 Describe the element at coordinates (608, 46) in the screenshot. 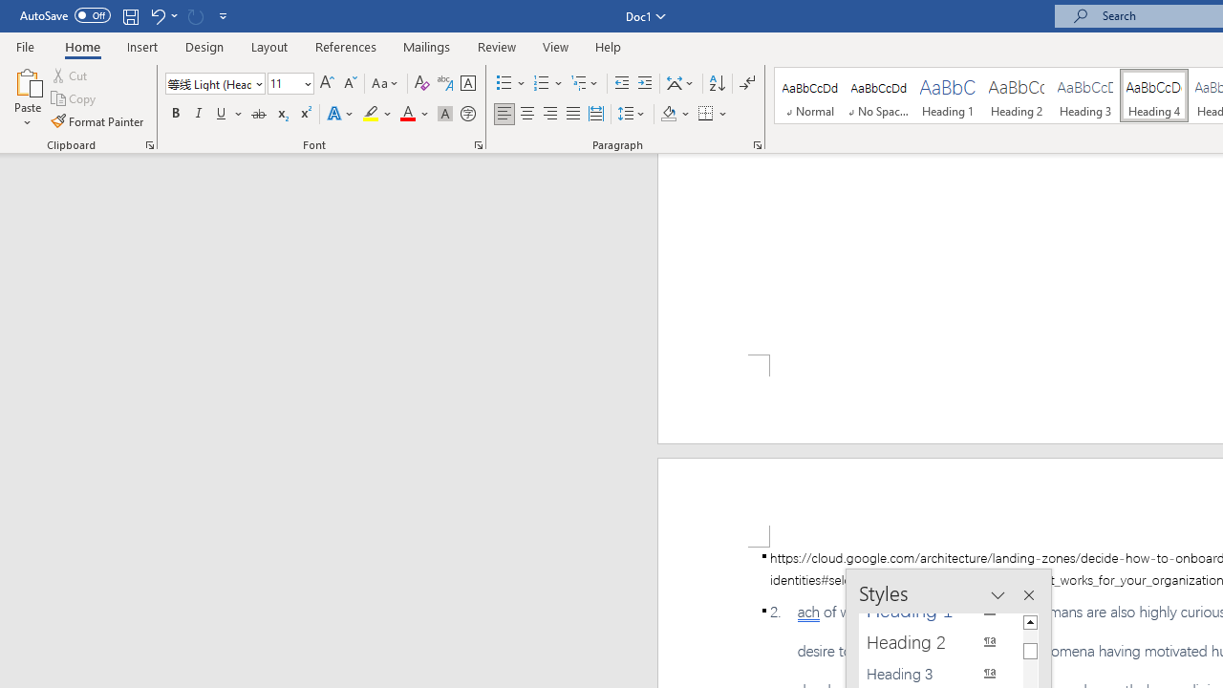

I see `'Help'` at that location.